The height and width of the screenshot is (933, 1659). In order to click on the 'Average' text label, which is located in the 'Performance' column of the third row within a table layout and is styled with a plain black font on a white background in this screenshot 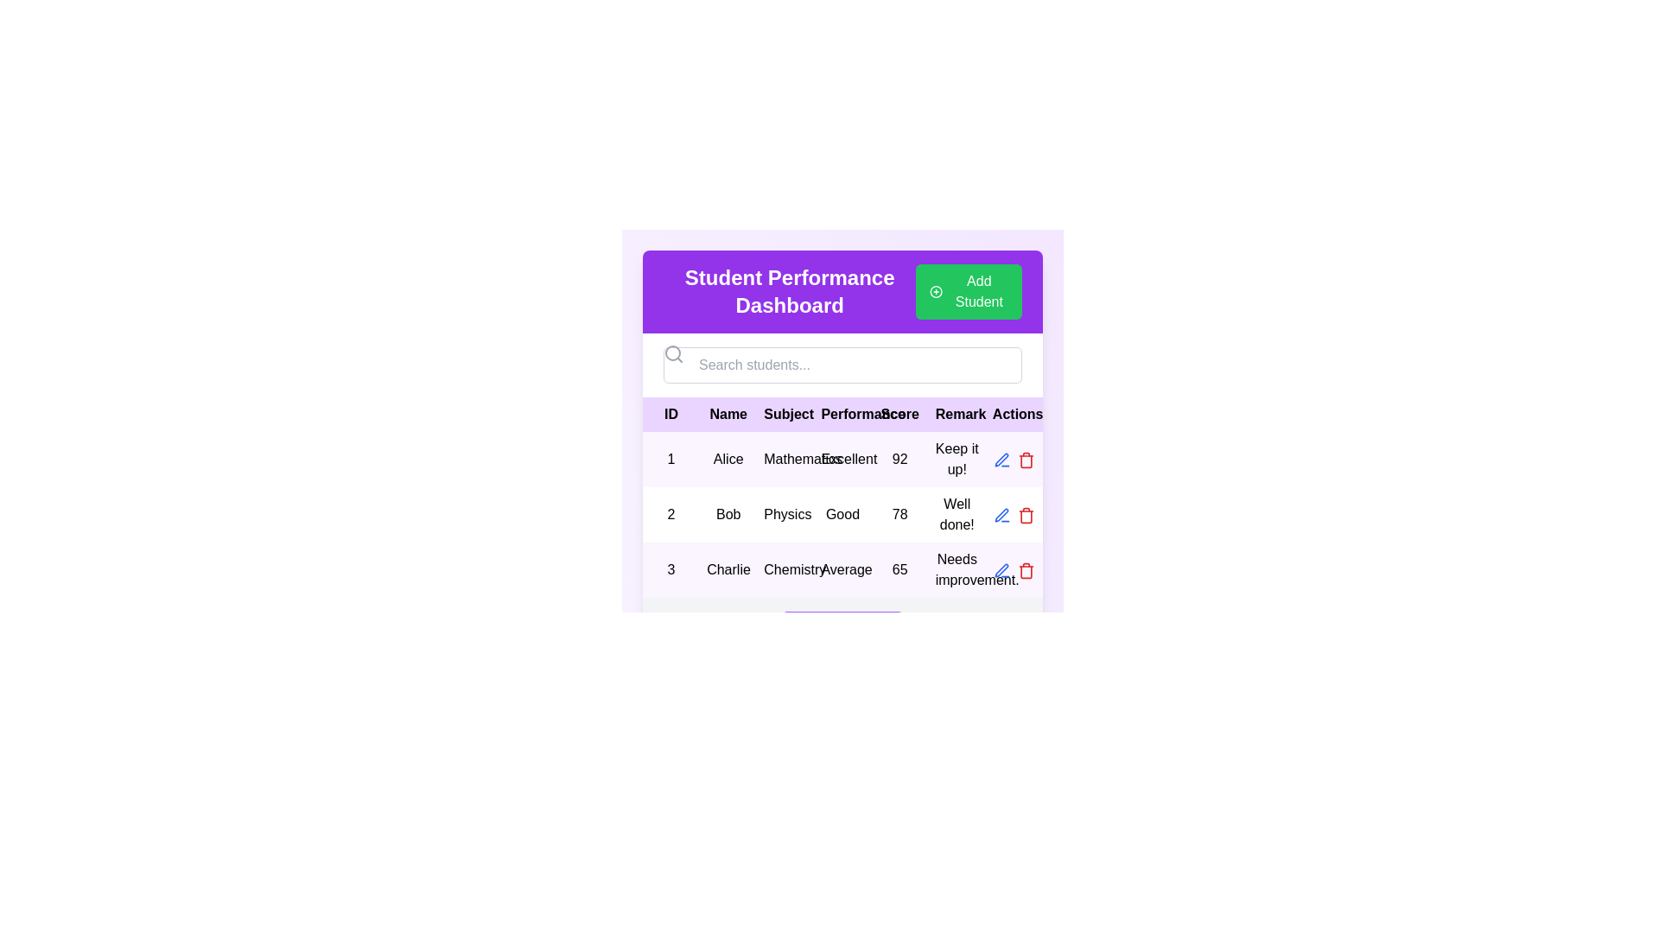, I will do `click(842, 569)`.